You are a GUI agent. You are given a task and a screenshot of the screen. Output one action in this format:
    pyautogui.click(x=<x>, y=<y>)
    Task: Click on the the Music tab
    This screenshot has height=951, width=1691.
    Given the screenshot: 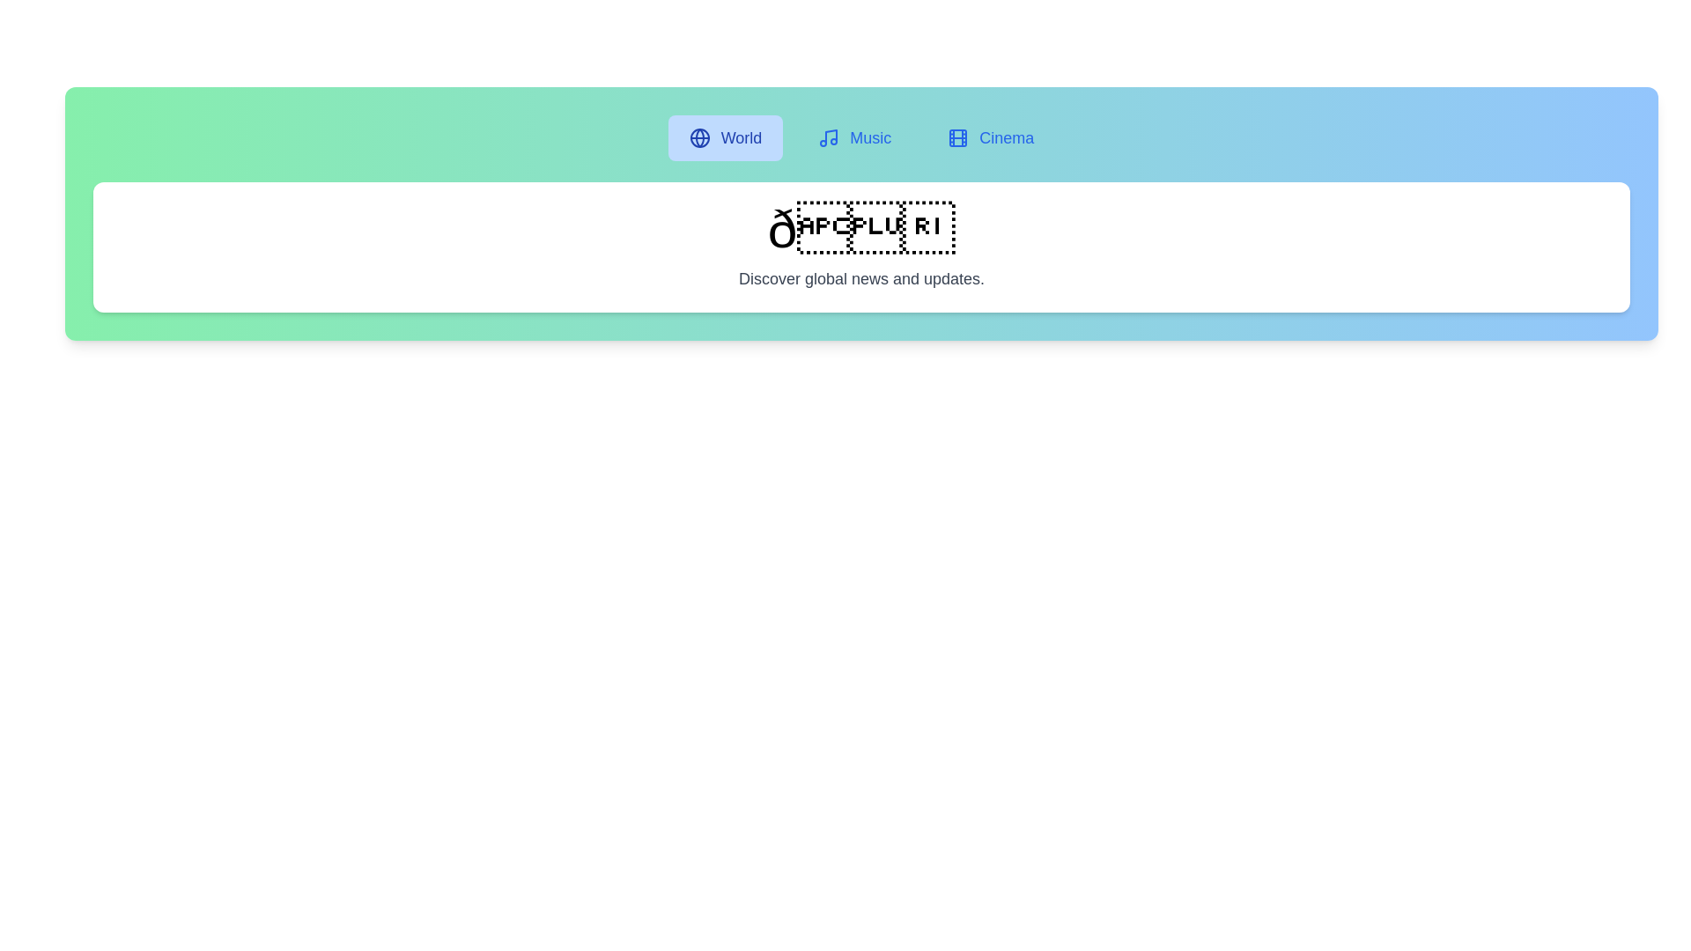 What is the action you would take?
    pyautogui.click(x=854, y=137)
    